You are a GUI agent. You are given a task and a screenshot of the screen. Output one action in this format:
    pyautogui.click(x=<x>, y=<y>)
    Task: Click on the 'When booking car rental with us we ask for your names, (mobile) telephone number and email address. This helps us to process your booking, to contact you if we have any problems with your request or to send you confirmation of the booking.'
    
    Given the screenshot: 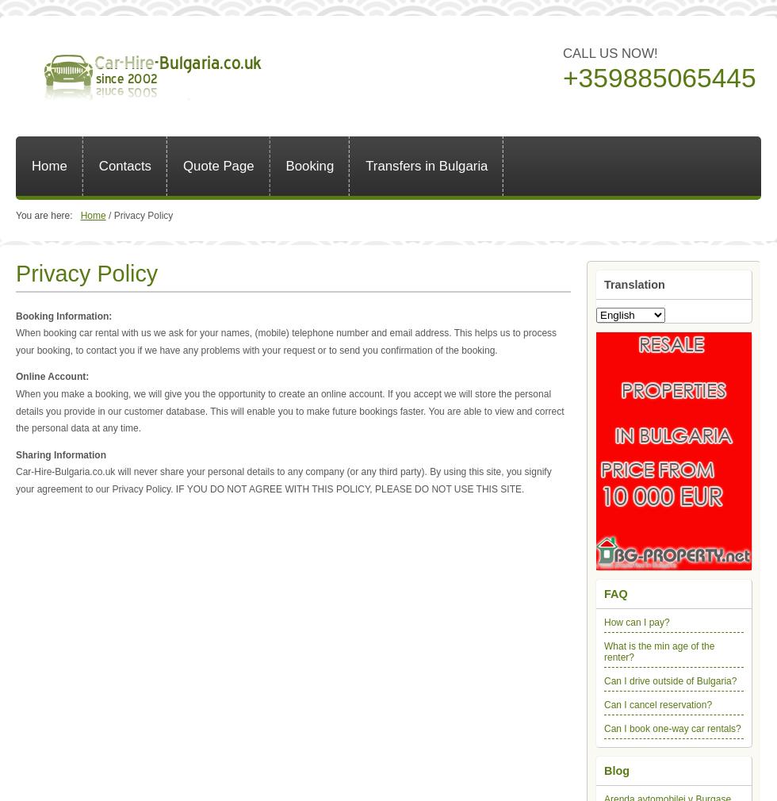 What is the action you would take?
    pyautogui.click(x=286, y=341)
    